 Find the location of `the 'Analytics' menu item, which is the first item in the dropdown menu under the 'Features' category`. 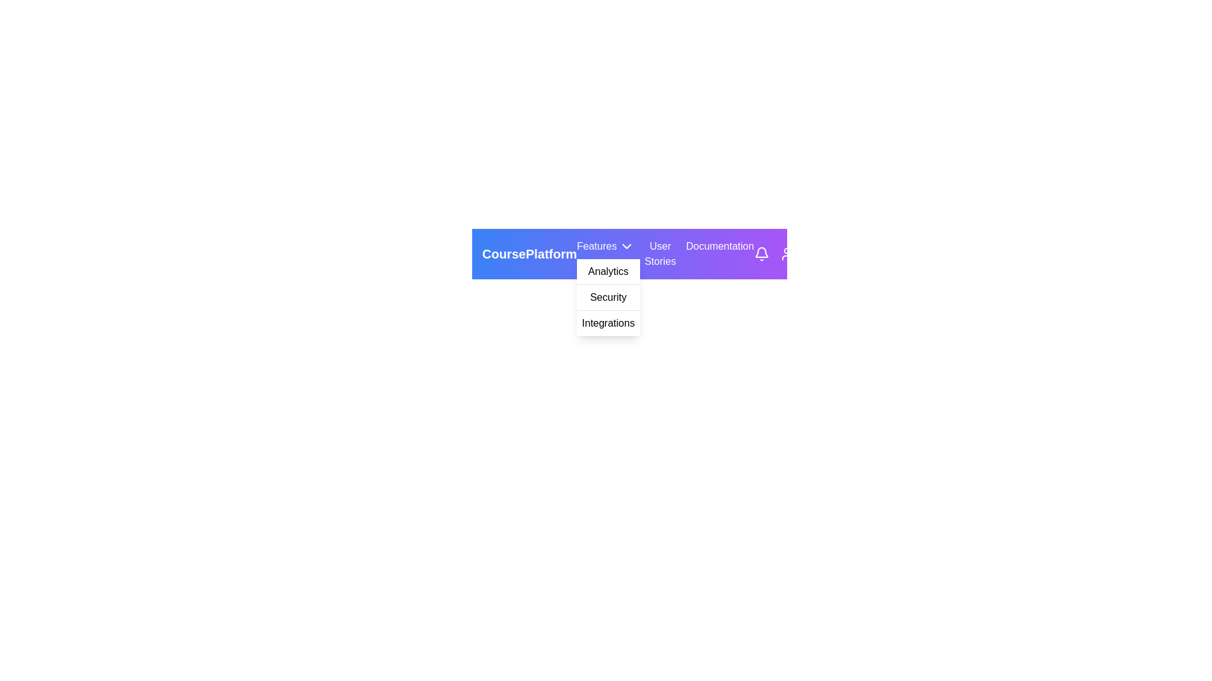

the 'Analytics' menu item, which is the first item in the dropdown menu under the 'Features' category is located at coordinates (608, 271).